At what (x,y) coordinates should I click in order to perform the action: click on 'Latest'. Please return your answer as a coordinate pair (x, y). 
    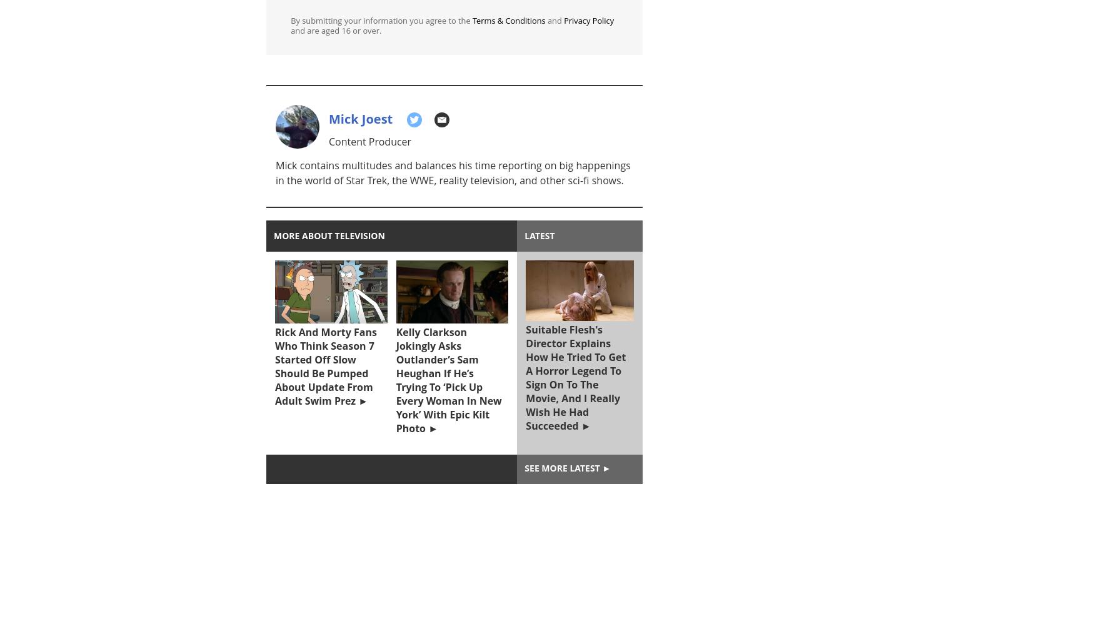
    Looking at the image, I should click on (539, 234).